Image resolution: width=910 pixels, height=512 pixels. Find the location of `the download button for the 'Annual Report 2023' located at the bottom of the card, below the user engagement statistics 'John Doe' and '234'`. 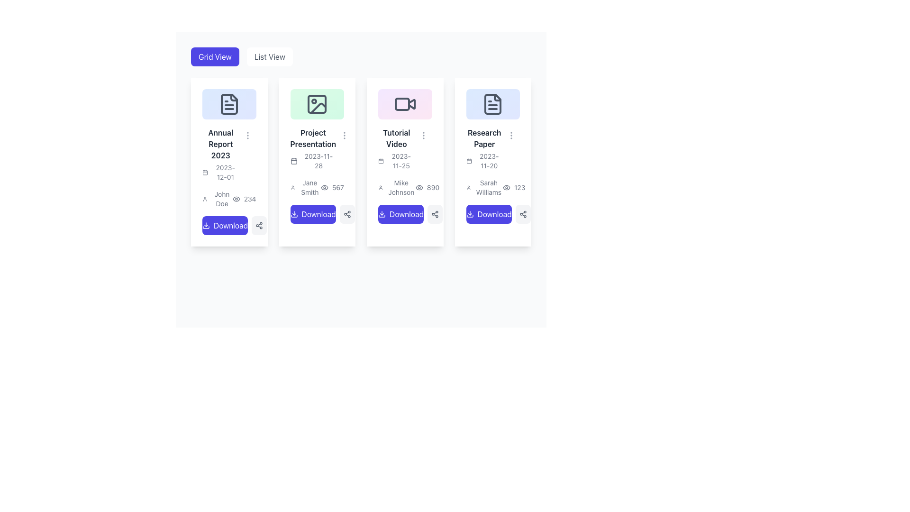

the download button for the 'Annual Report 2023' located at the bottom of the card, below the user engagement statistics 'John Doe' and '234' is located at coordinates (229, 225).